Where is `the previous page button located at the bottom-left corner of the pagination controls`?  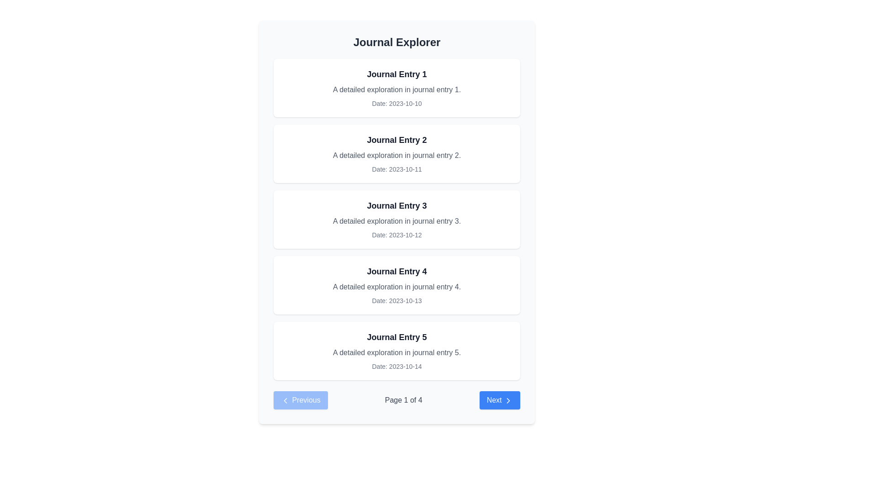
the previous page button located at the bottom-left corner of the pagination controls is located at coordinates (301, 399).